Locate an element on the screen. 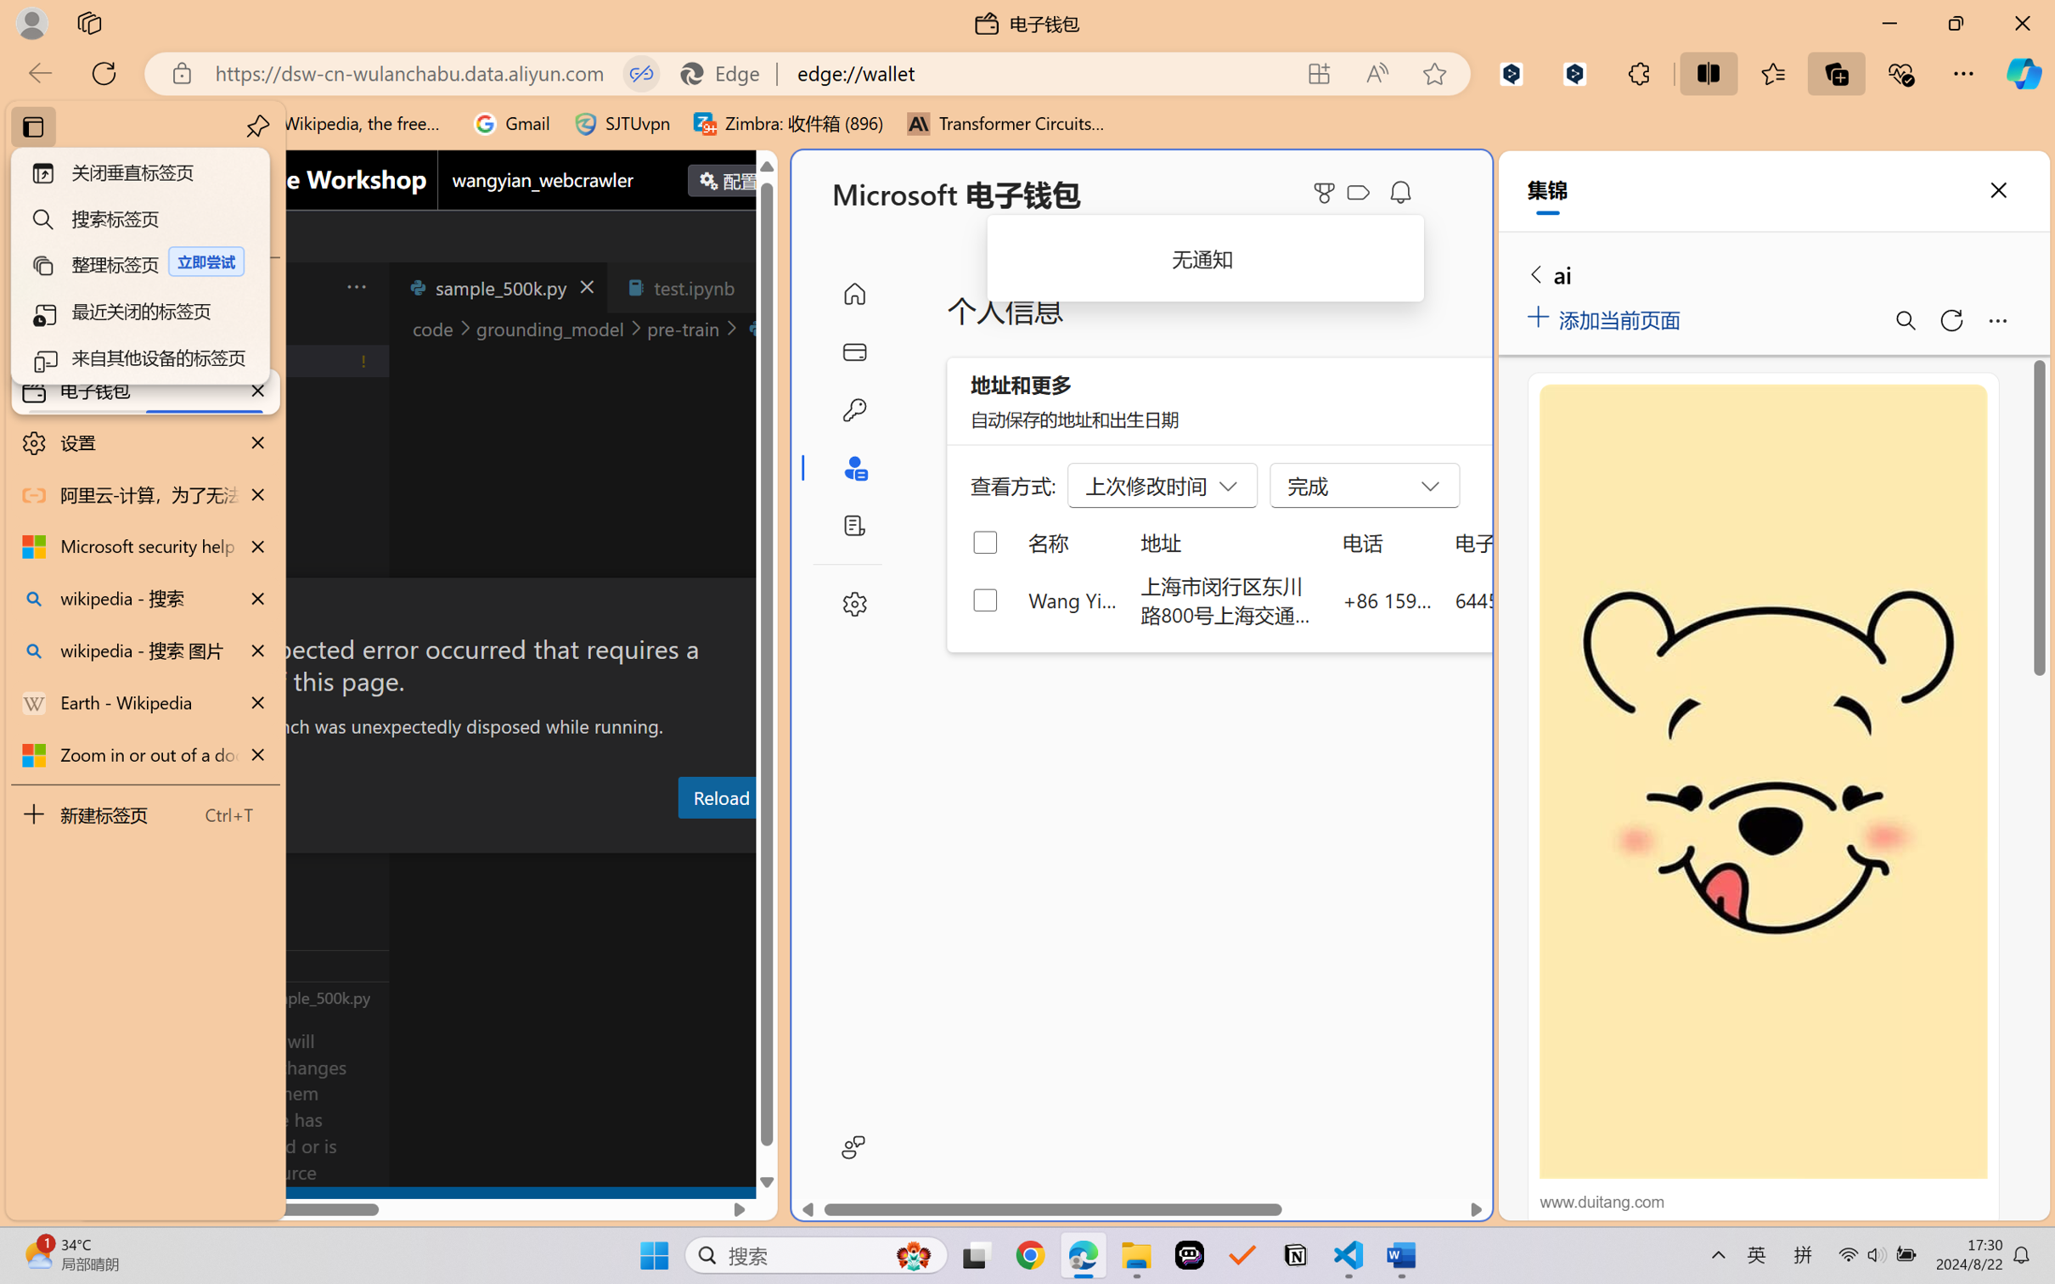 The height and width of the screenshot is (1284, 2055). 'Gmail' is located at coordinates (510, 123).